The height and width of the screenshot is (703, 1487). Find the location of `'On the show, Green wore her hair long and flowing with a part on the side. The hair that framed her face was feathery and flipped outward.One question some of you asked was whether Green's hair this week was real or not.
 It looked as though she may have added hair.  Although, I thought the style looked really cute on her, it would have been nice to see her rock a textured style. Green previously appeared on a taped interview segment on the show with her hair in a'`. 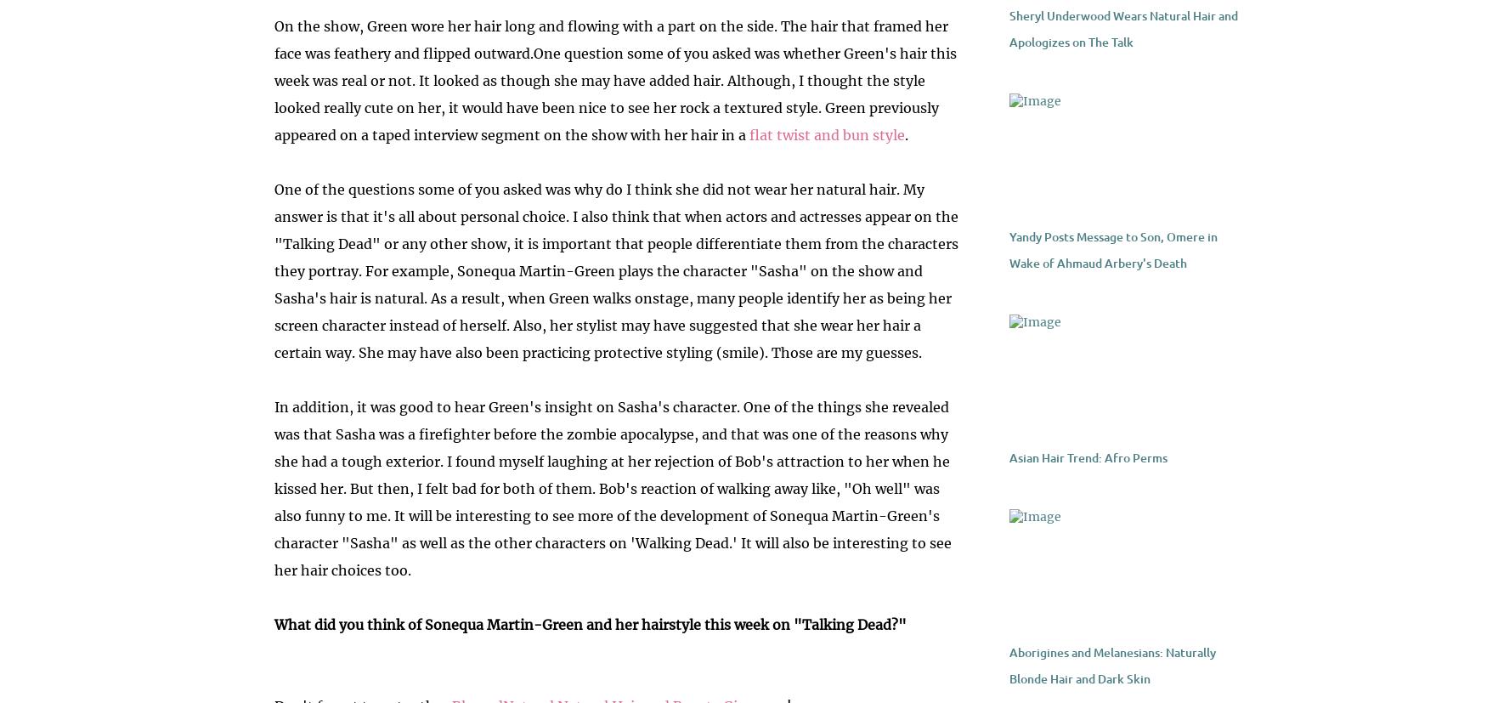

'On the show, Green wore her hair long and flowing with a part on the side. The hair that framed her face was feathery and flipped outward.One question some of you asked was whether Green's hair this week was real or not.
 It looked as though she may have added hair.  Although, I thought the style looked really cute on her, it would have been nice to see her rock a textured style. Green previously appeared on a taped interview segment on the show with her hair in a' is located at coordinates (614, 81).